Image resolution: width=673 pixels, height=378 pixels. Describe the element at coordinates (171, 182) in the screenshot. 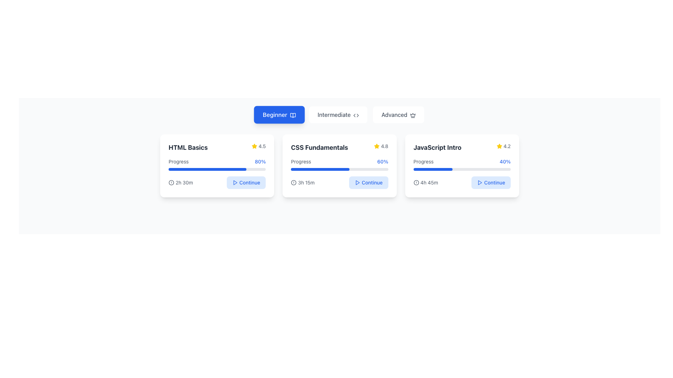

I see `the alert icon located to the left of the '2h 30m' text within the 'HTML Basics' course card` at that location.